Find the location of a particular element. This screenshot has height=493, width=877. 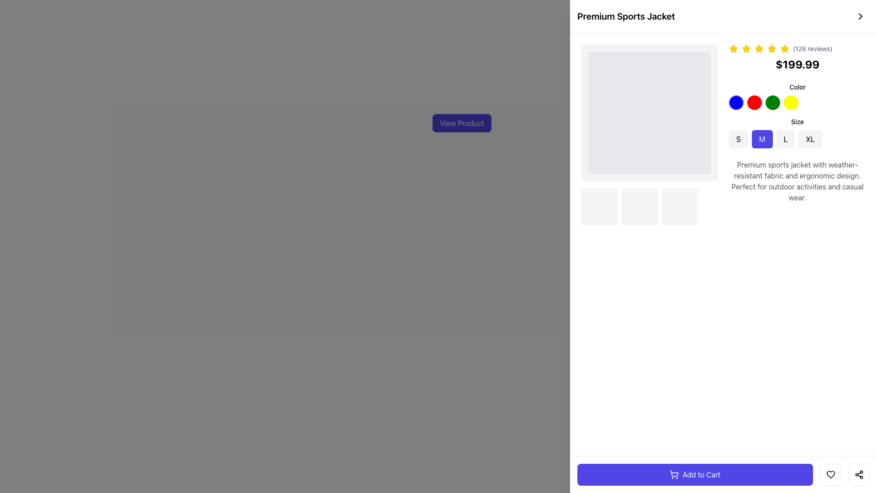

the size button in the Option selector located under the 'Color' section of the user interface is located at coordinates (797, 132).